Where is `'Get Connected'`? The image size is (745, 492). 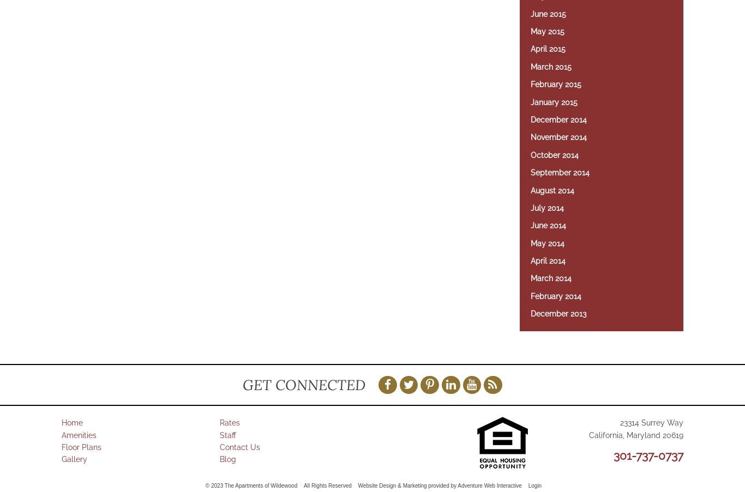 'Get Connected' is located at coordinates (304, 384).